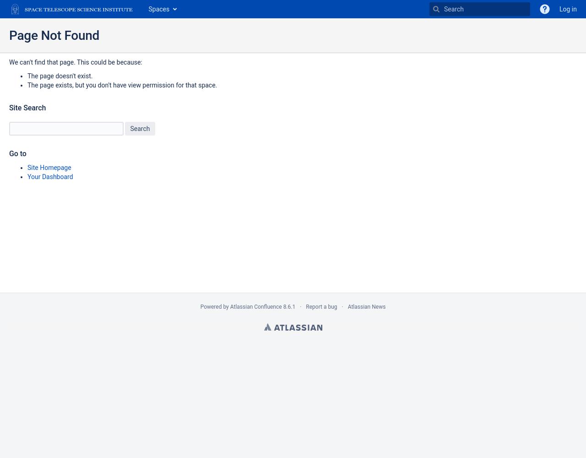  I want to click on 'Powered by', so click(214, 307).